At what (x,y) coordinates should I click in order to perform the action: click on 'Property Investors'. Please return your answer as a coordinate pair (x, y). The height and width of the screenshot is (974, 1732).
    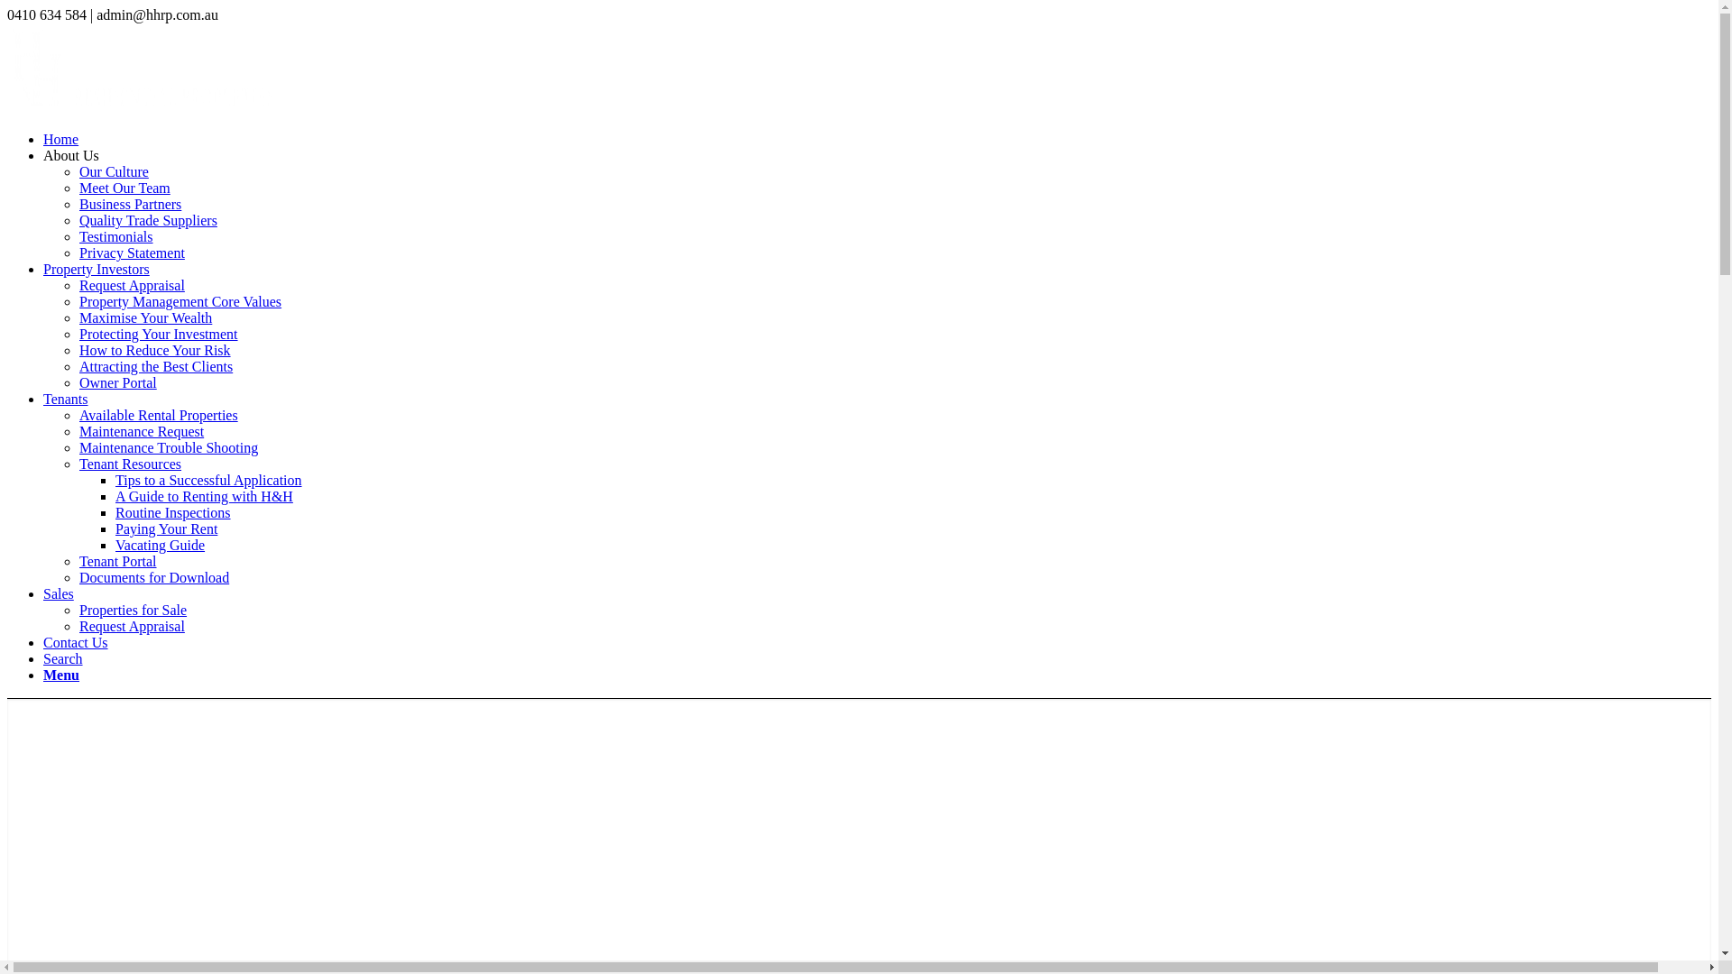
    Looking at the image, I should click on (95, 269).